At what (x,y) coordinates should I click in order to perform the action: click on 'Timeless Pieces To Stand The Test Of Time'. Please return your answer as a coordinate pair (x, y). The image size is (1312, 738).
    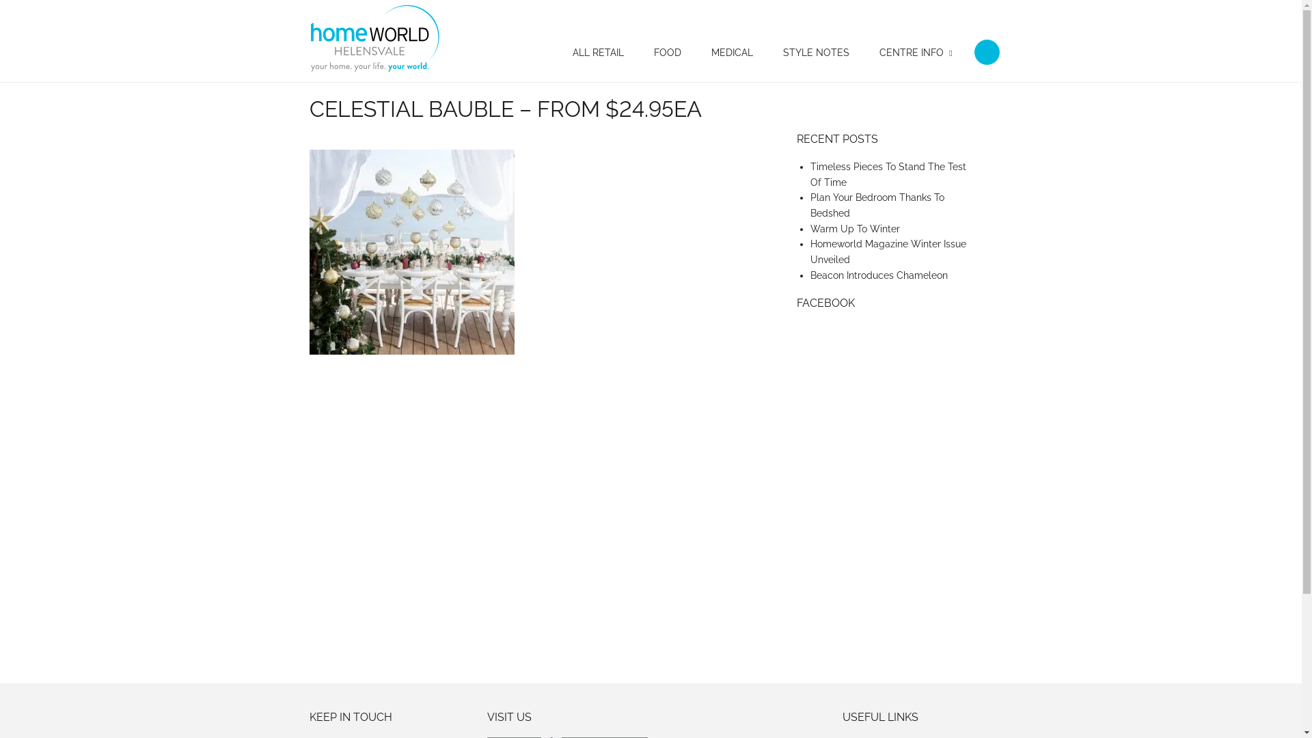
    Looking at the image, I should click on (888, 174).